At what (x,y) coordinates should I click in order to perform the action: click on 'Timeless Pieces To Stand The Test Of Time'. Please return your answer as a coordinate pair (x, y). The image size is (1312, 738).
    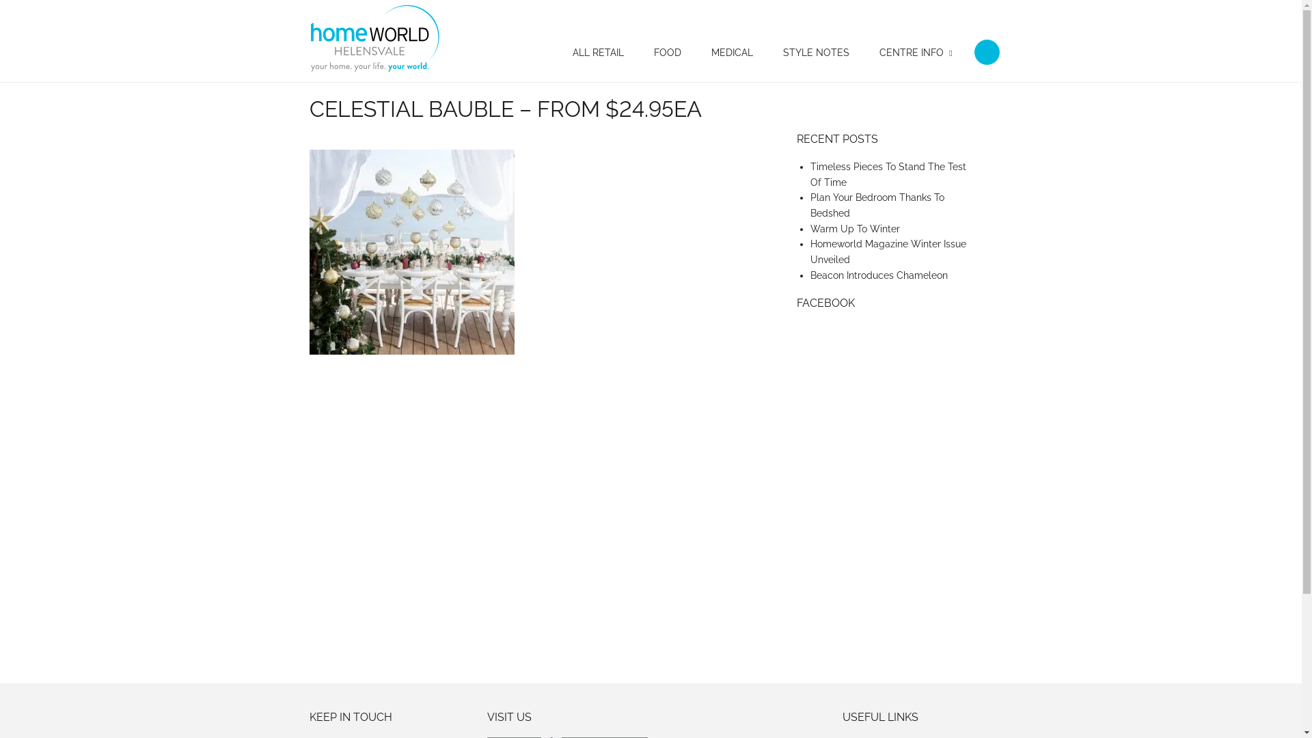
    Looking at the image, I should click on (888, 174).